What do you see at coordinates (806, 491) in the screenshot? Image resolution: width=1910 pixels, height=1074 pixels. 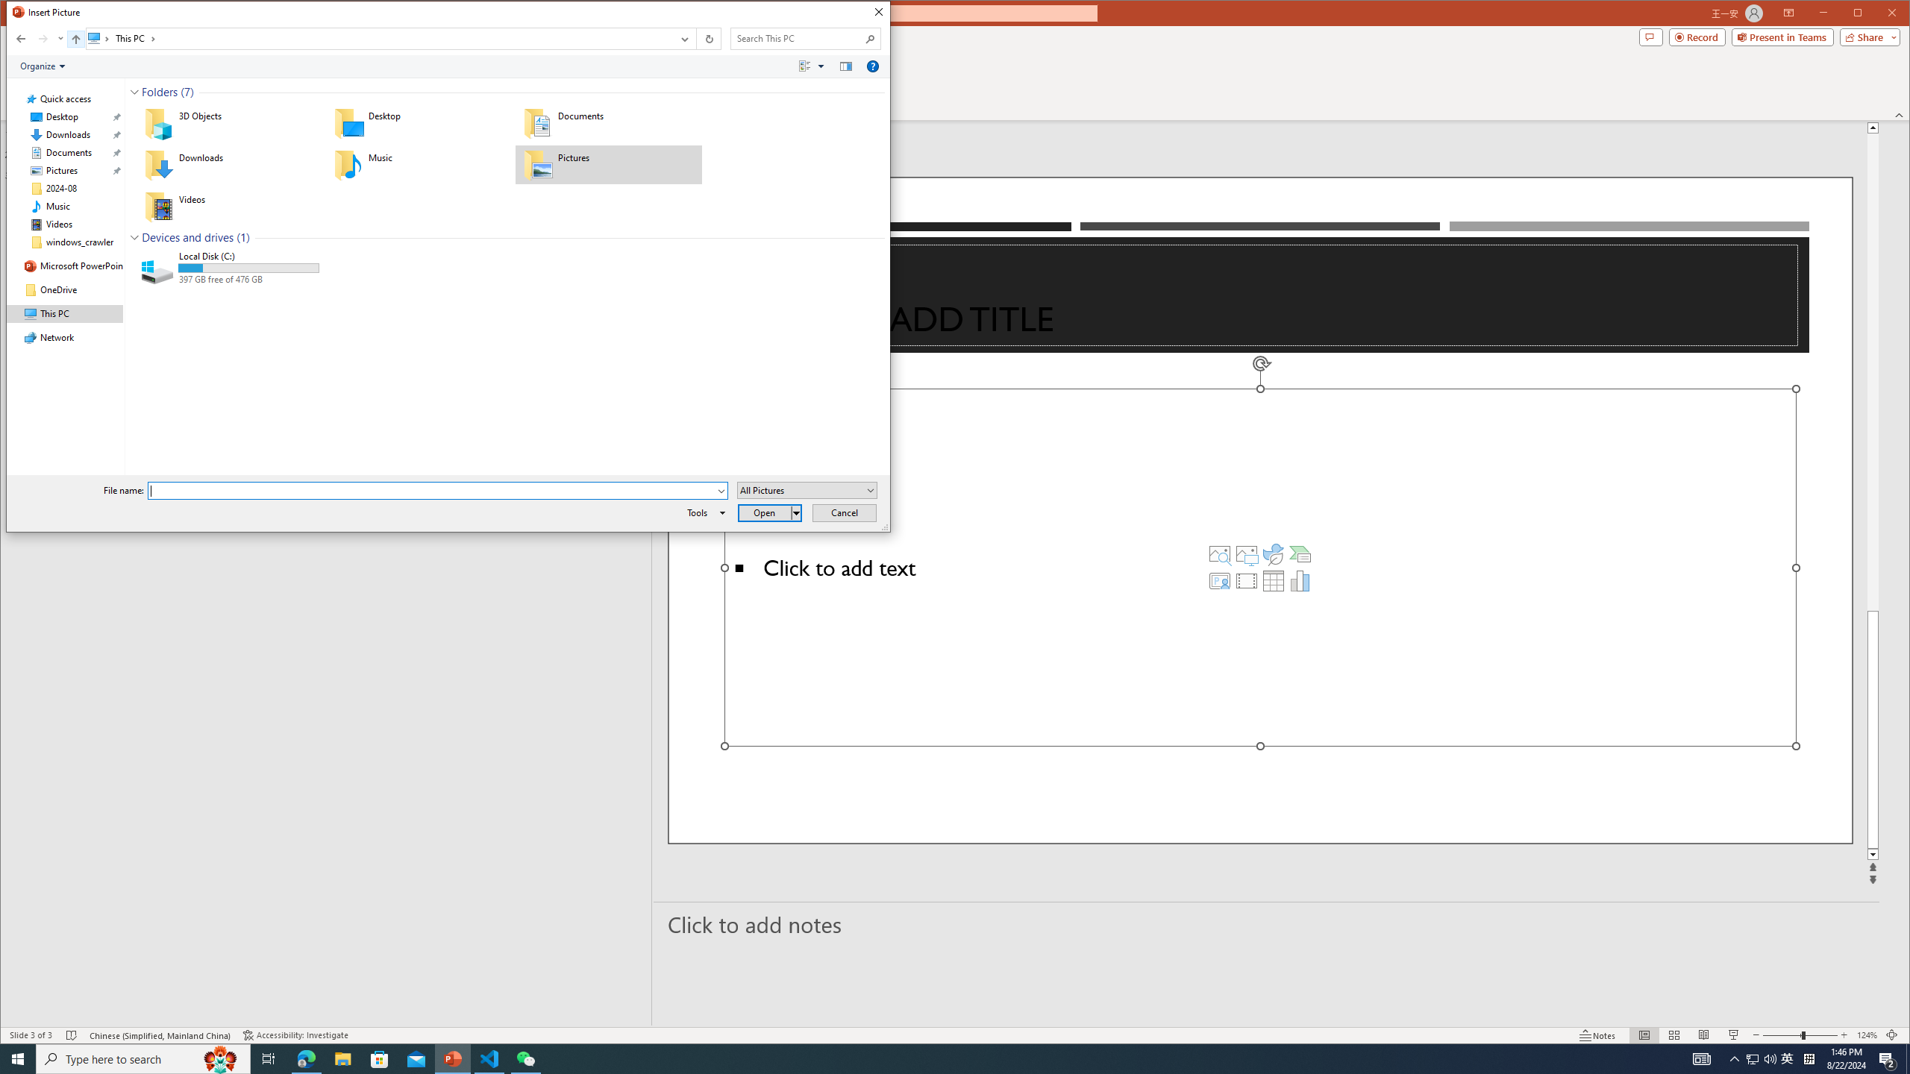 I see `'Files of type:'` at bounding box center [806, 491].